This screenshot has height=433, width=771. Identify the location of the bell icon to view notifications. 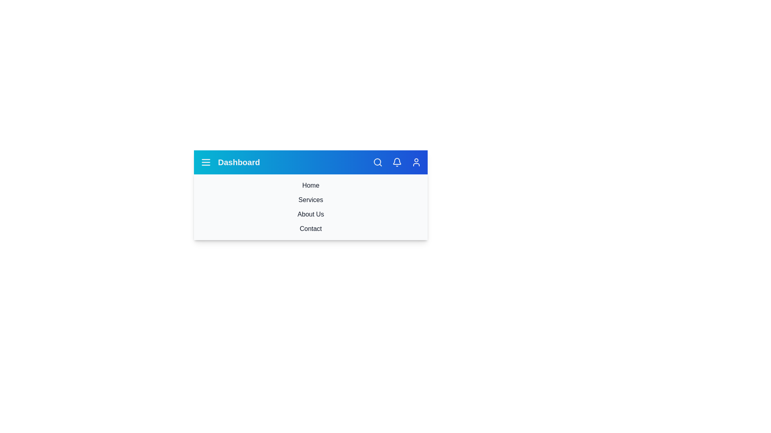
(397, 162).